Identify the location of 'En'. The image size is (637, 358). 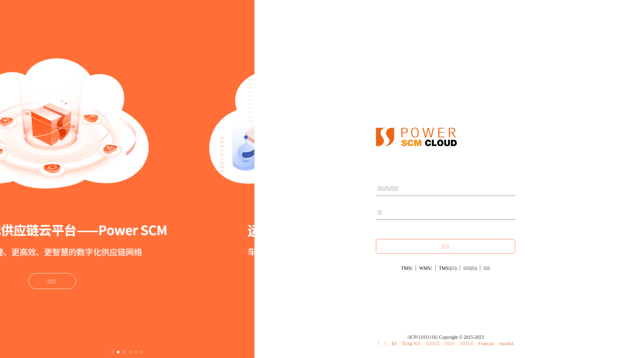
(391, 343).